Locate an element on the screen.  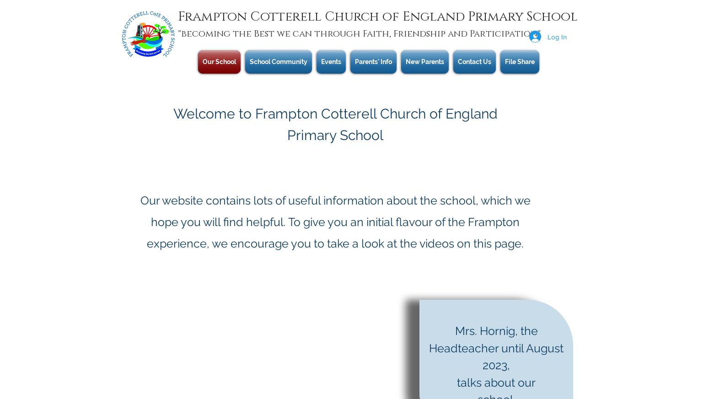
'File Share' is located at coordinates (519, 61).